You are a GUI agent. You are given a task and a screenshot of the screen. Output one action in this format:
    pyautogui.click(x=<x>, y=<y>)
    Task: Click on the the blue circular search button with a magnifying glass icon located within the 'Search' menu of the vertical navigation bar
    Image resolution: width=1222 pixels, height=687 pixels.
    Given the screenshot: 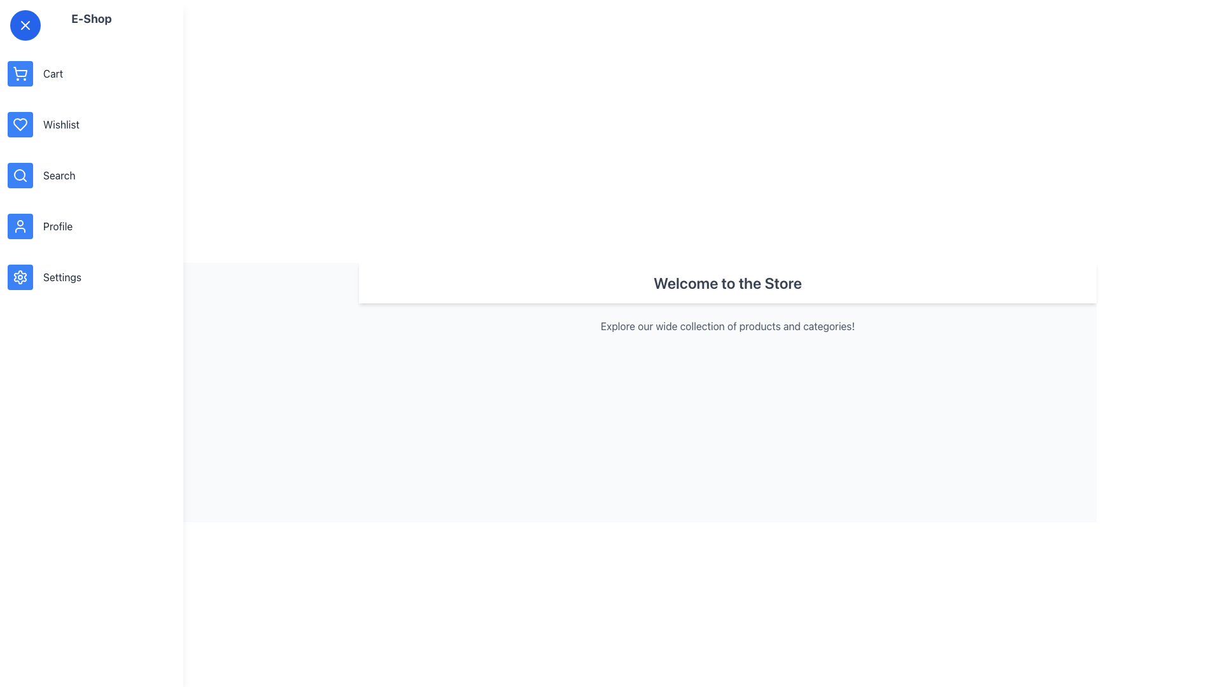 What is the action you would take?
    pyautogui.click(x=20, y=176)
    